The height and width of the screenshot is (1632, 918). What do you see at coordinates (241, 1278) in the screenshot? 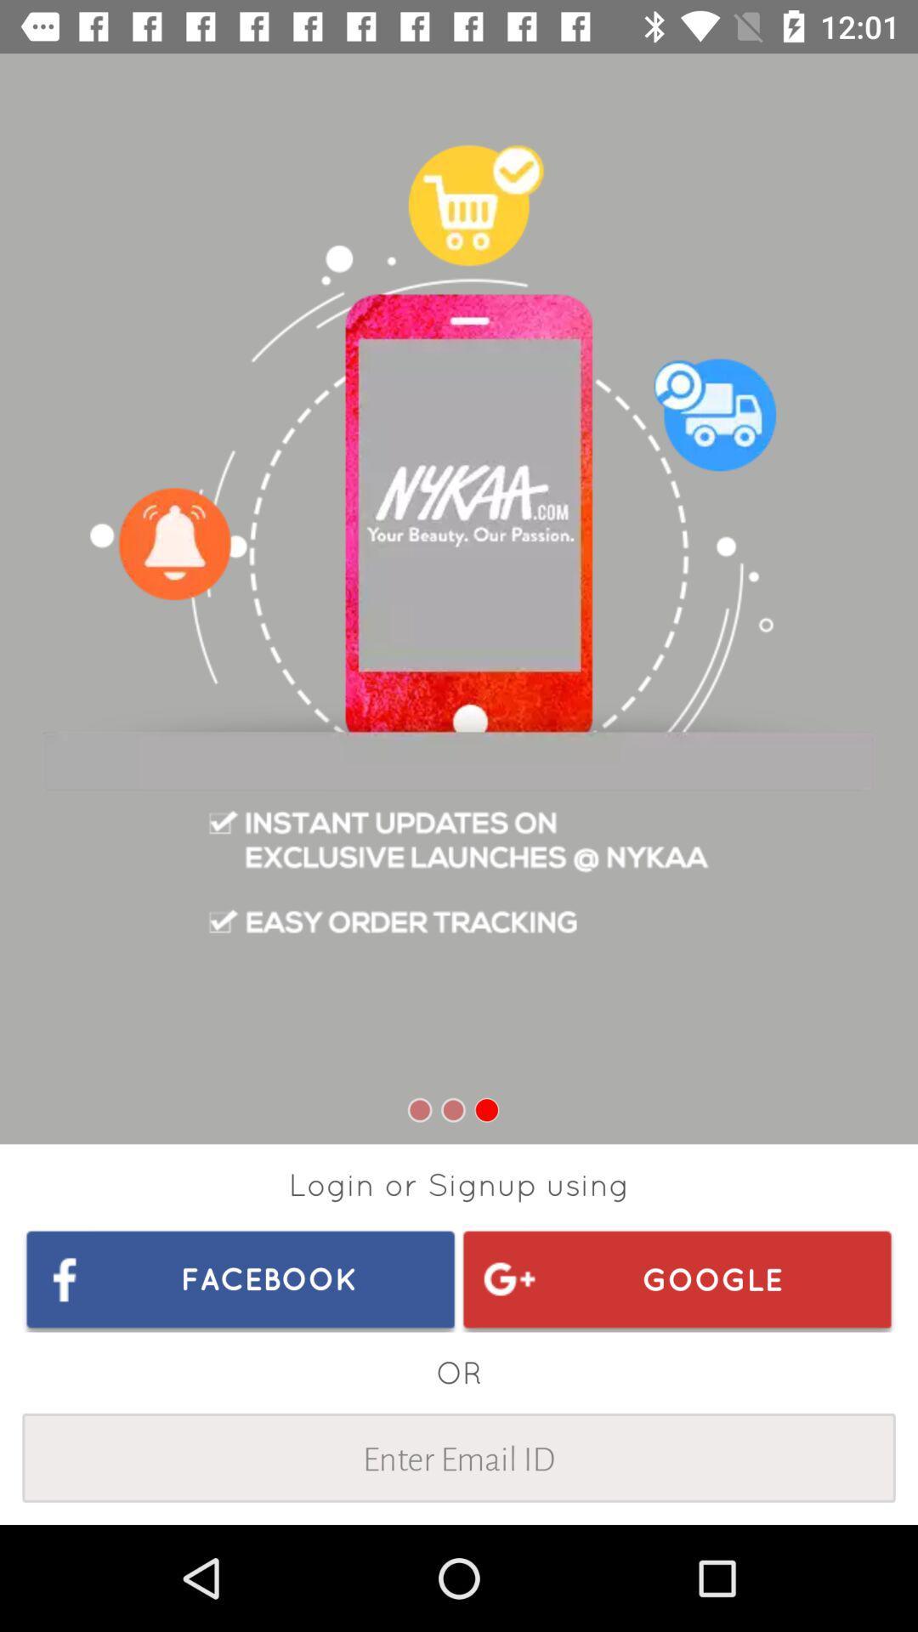
I see `the icon above or icon` at bounding box center [241, 1278].